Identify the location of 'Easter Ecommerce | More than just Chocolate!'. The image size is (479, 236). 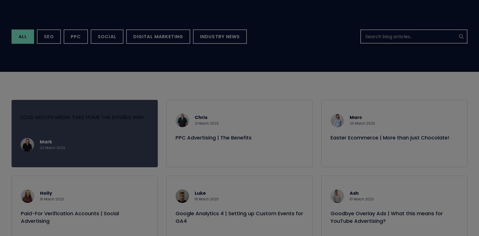
(389, 144).